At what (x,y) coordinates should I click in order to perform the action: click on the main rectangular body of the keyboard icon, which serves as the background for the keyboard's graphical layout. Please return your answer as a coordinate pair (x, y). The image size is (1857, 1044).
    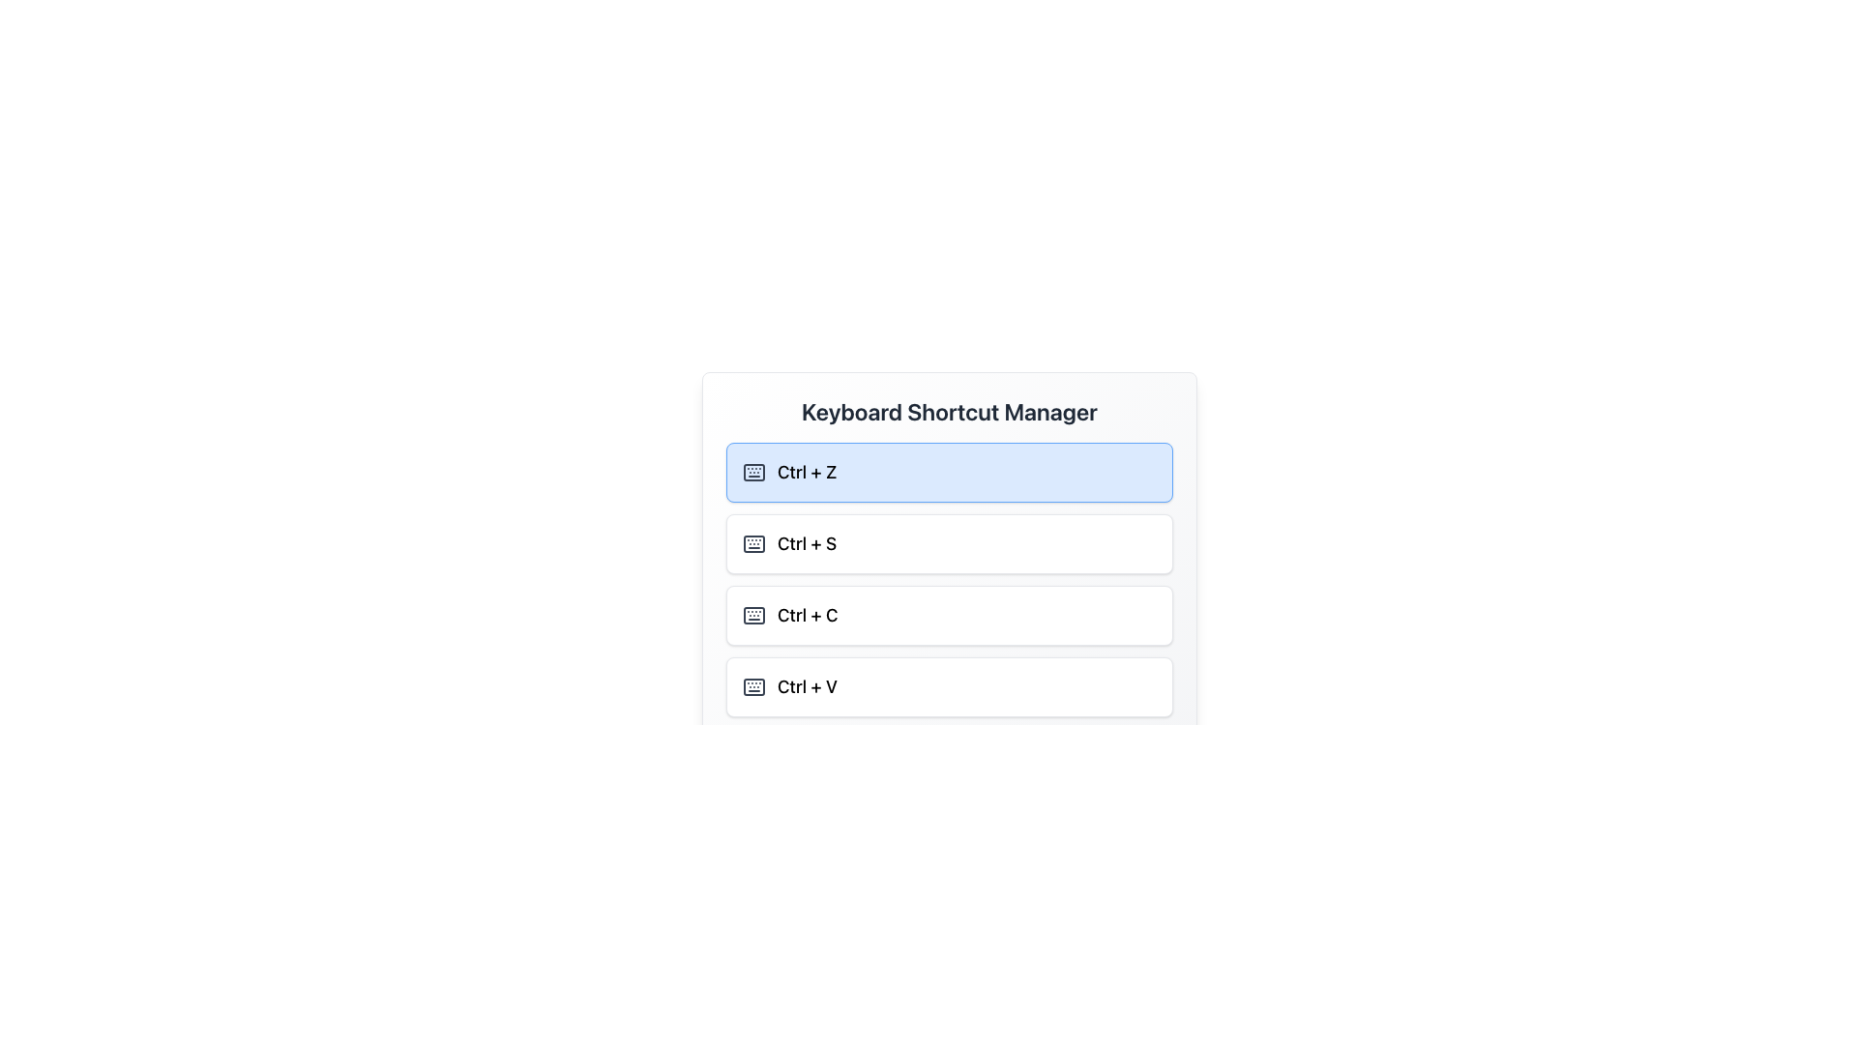
    Looking at the image, I should click on (752, 615).